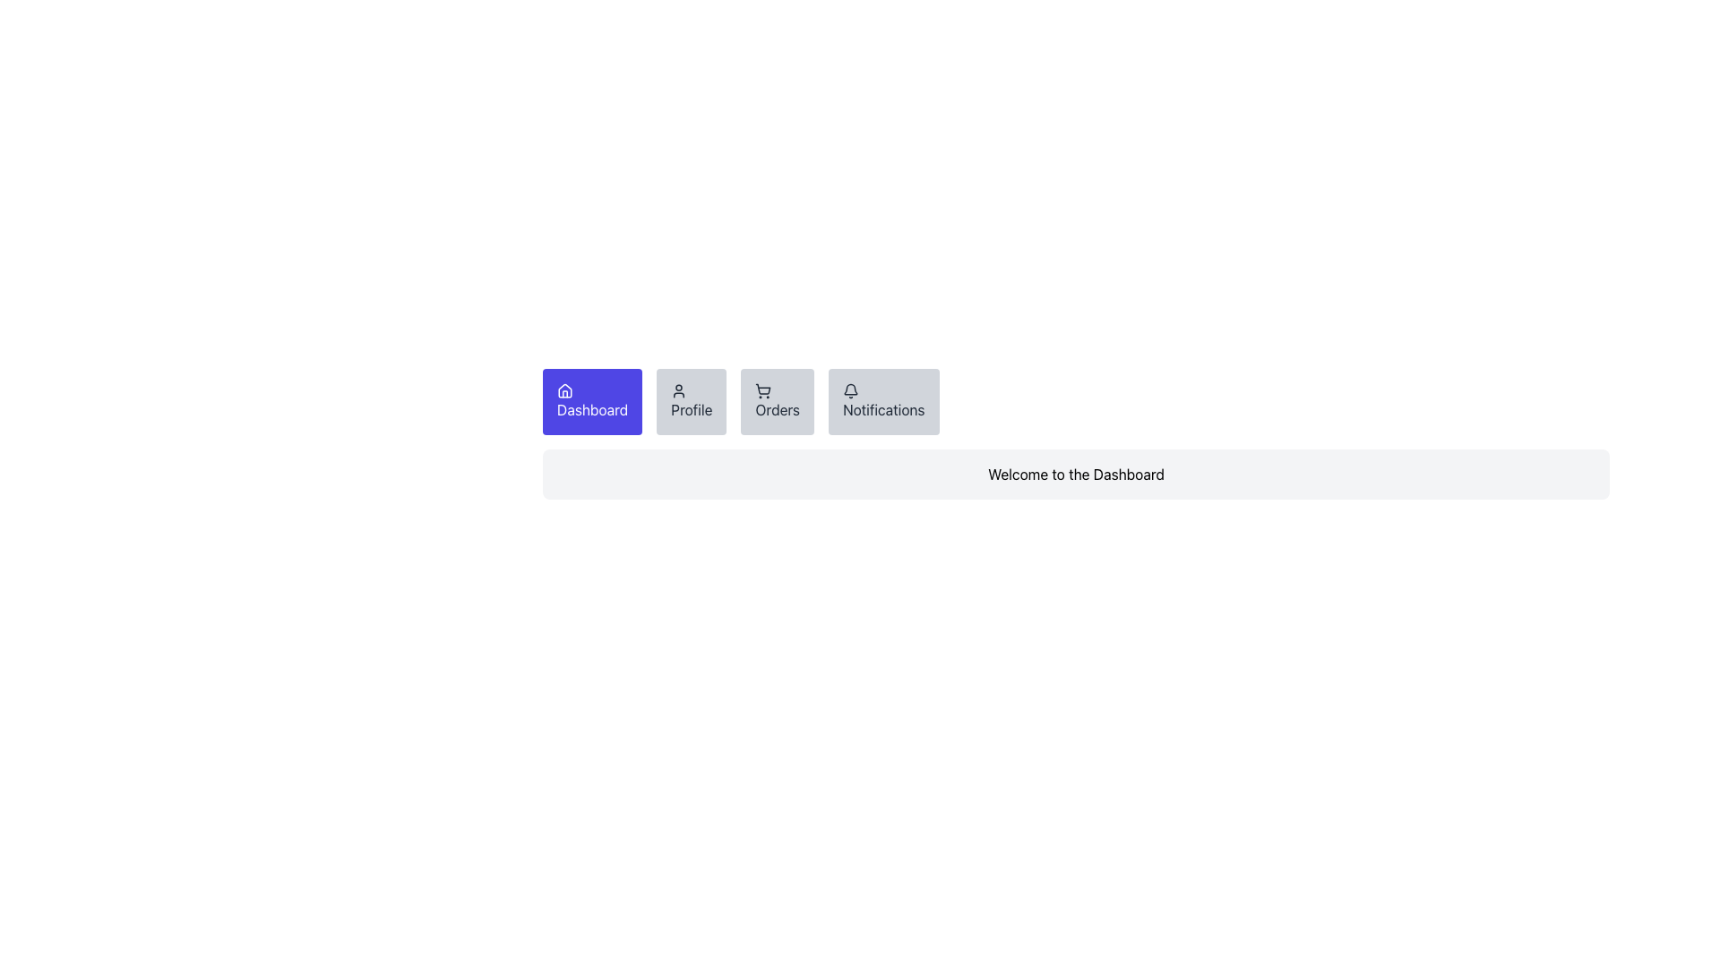 Image resolution: width=1720 pixels, height=967 pixels. Describe the element at coordinates (763, 389) in the screenshot. I see `the 'Orders' icon in the navigation toolbar, which is positioned between the 'Profile' and 'Notifications' buttons` at that location.